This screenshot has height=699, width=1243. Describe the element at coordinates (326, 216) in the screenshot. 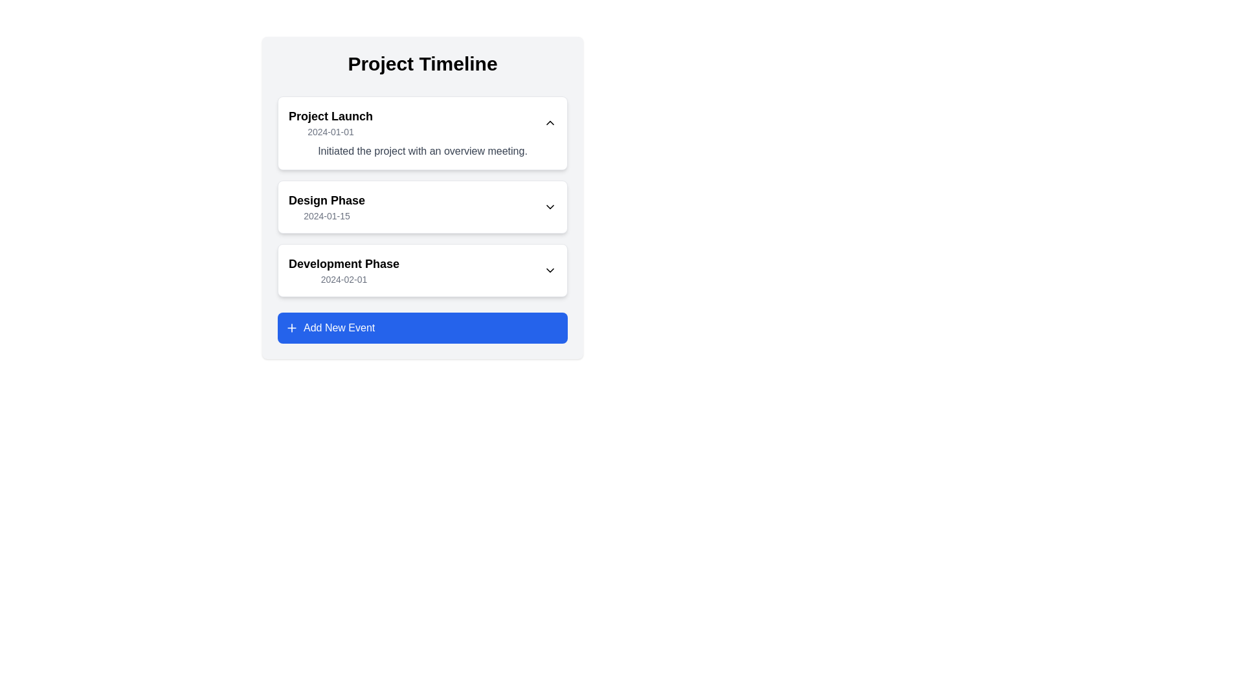

I see `the static text displaying the date for the 'Design Phase' located under the 'Design Phase' heading in the timeline interface` at that location.